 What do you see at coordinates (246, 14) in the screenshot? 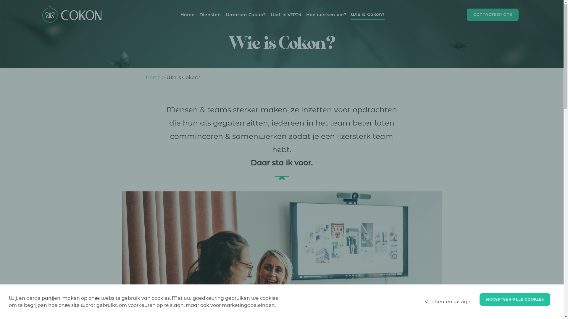
I see `'Waarom Cokon?'` at bounding box center [246, 14].